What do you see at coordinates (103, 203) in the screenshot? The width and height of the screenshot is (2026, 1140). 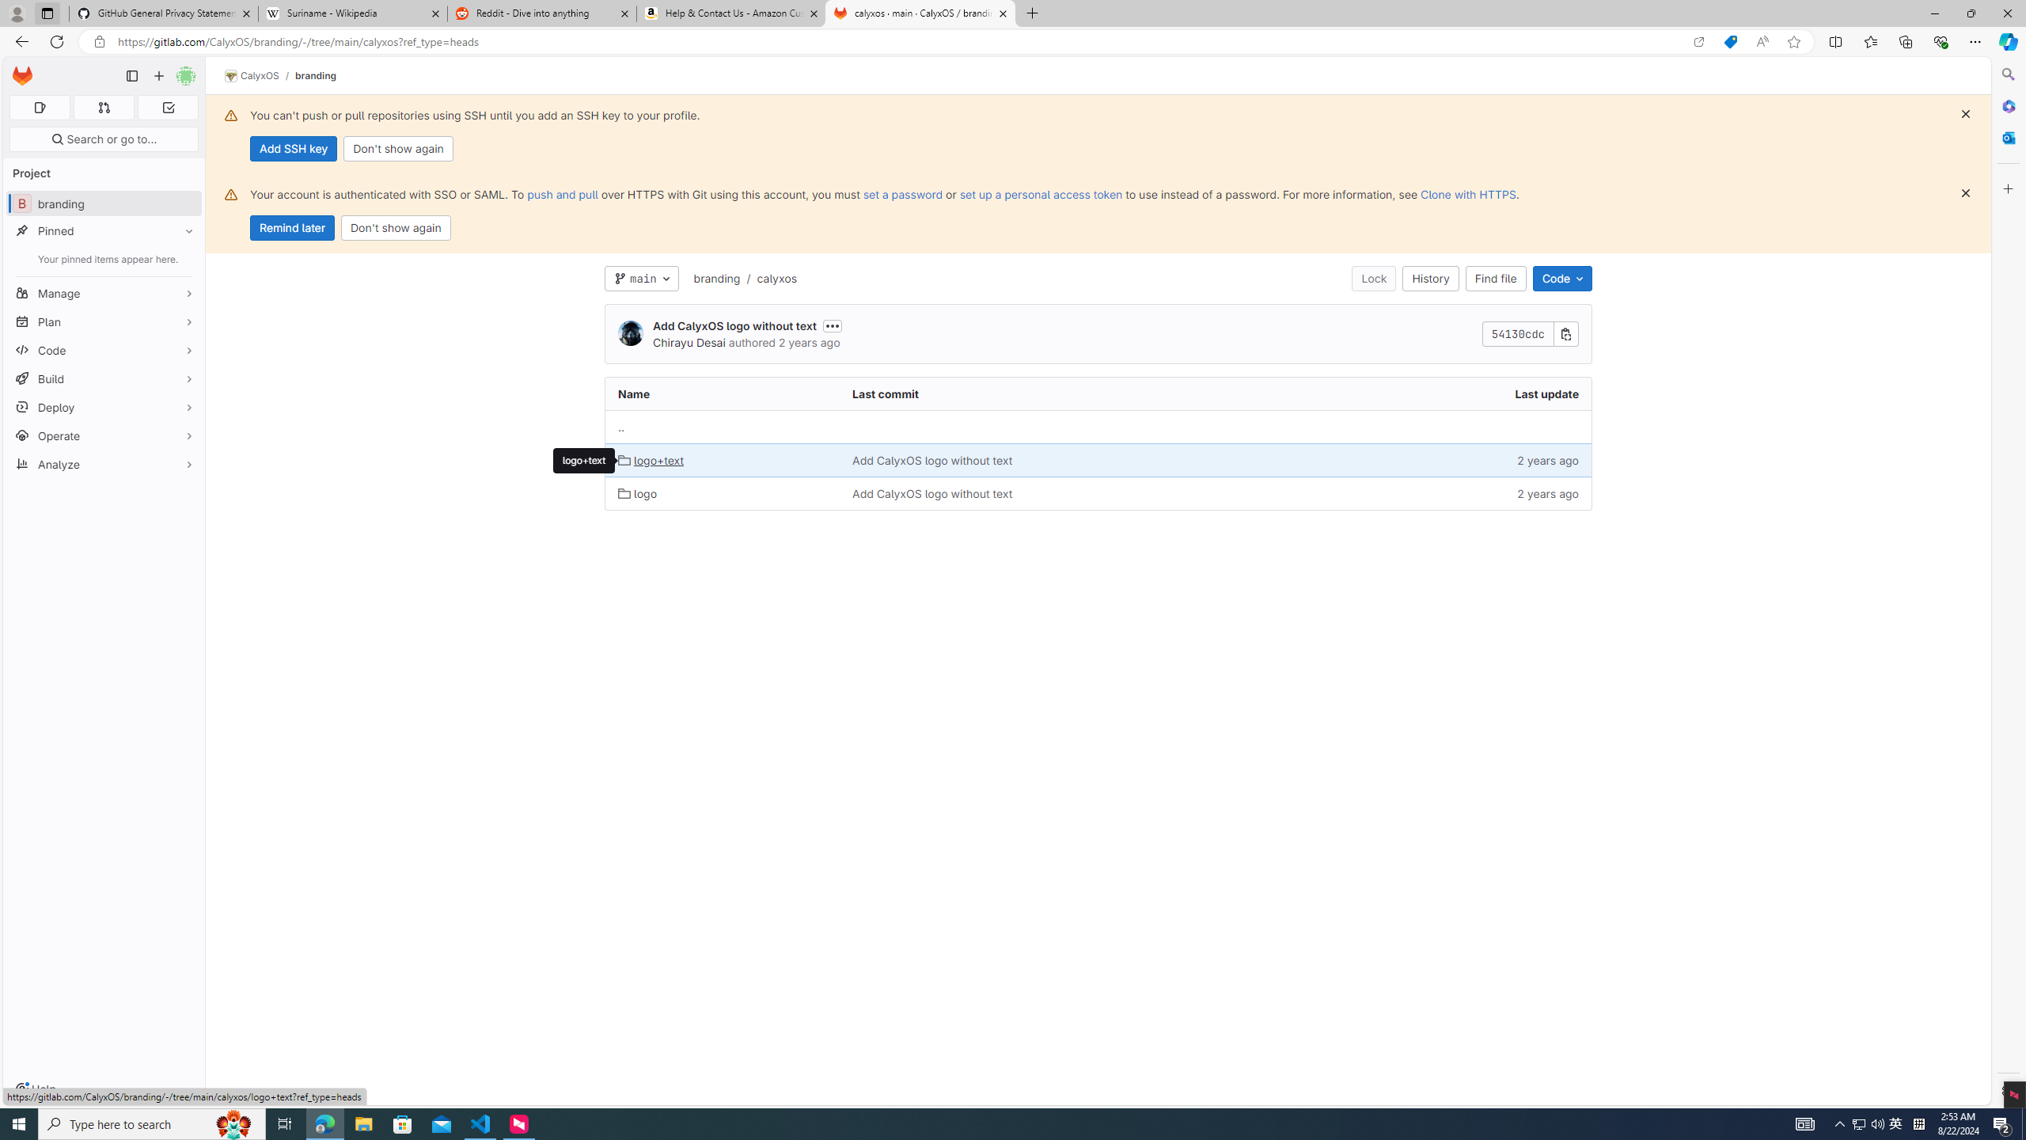 I see `'Bbranding'` at bounding box center [103, 203].